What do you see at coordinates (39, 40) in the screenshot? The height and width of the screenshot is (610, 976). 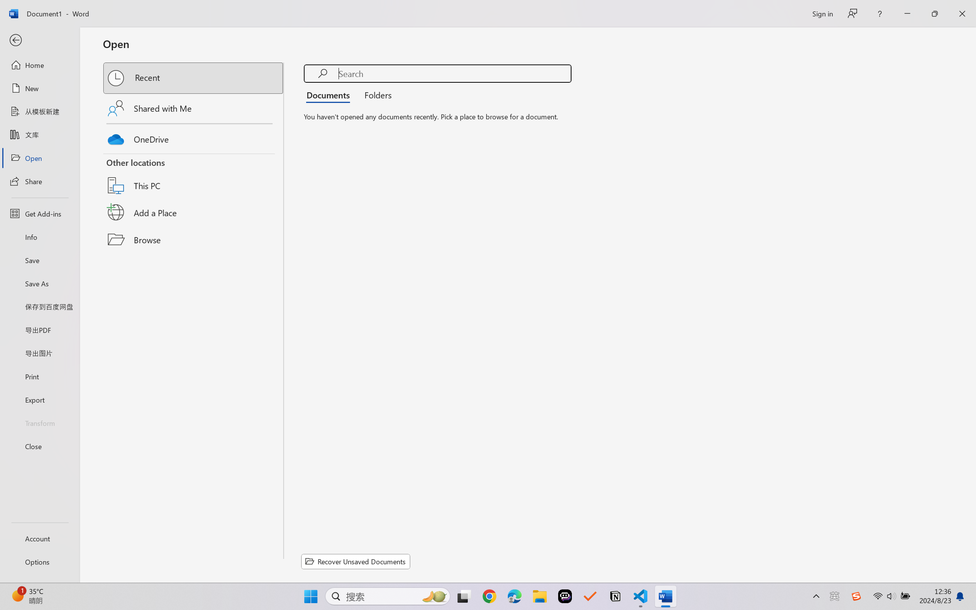 I see `'Back'` at bounding box center [39, 40].